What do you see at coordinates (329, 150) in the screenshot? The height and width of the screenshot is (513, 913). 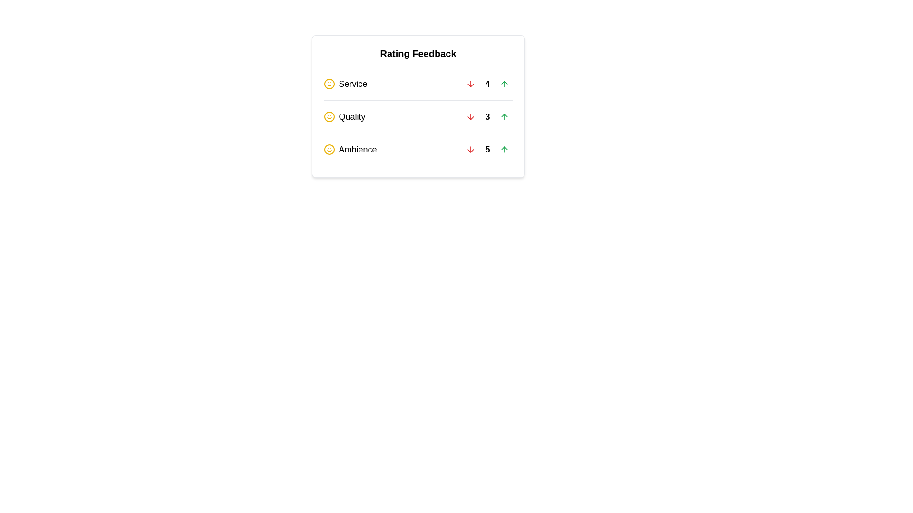 I see `the yellow smiley face icon representing positive sentiment, located in the third row of the 'Rating Feedback' list, to the left of 'Ambience'` at bounding box center [329, 150].